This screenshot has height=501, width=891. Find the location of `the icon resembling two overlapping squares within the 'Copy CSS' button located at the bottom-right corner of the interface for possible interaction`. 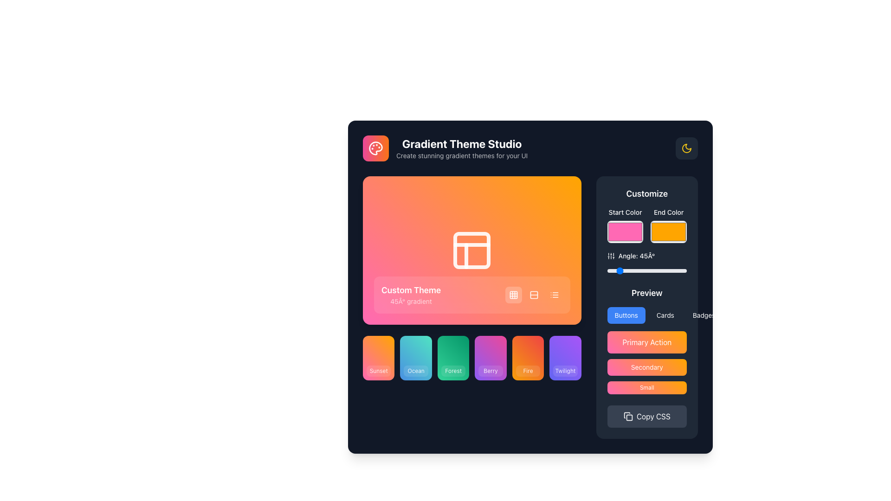

the icon resembling two overlapping squares within the 'Copy CSS' button located at the bottom-right corner of the interface for possible interaction is located at coordinates (628, 416).